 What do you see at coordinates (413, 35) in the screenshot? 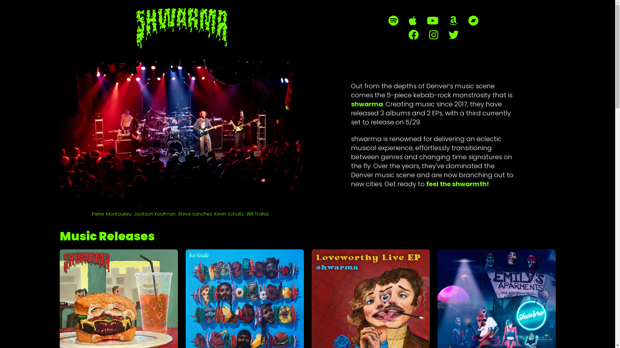
I see `'Facebook'` at bounding box center [413, 35].